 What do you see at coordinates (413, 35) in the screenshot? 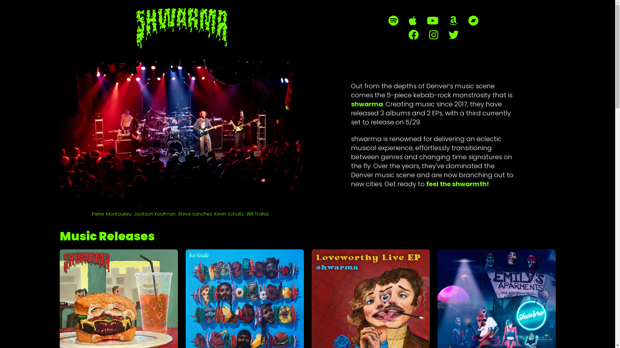
I see `'Facebook'` at bounding box center [413, 35].